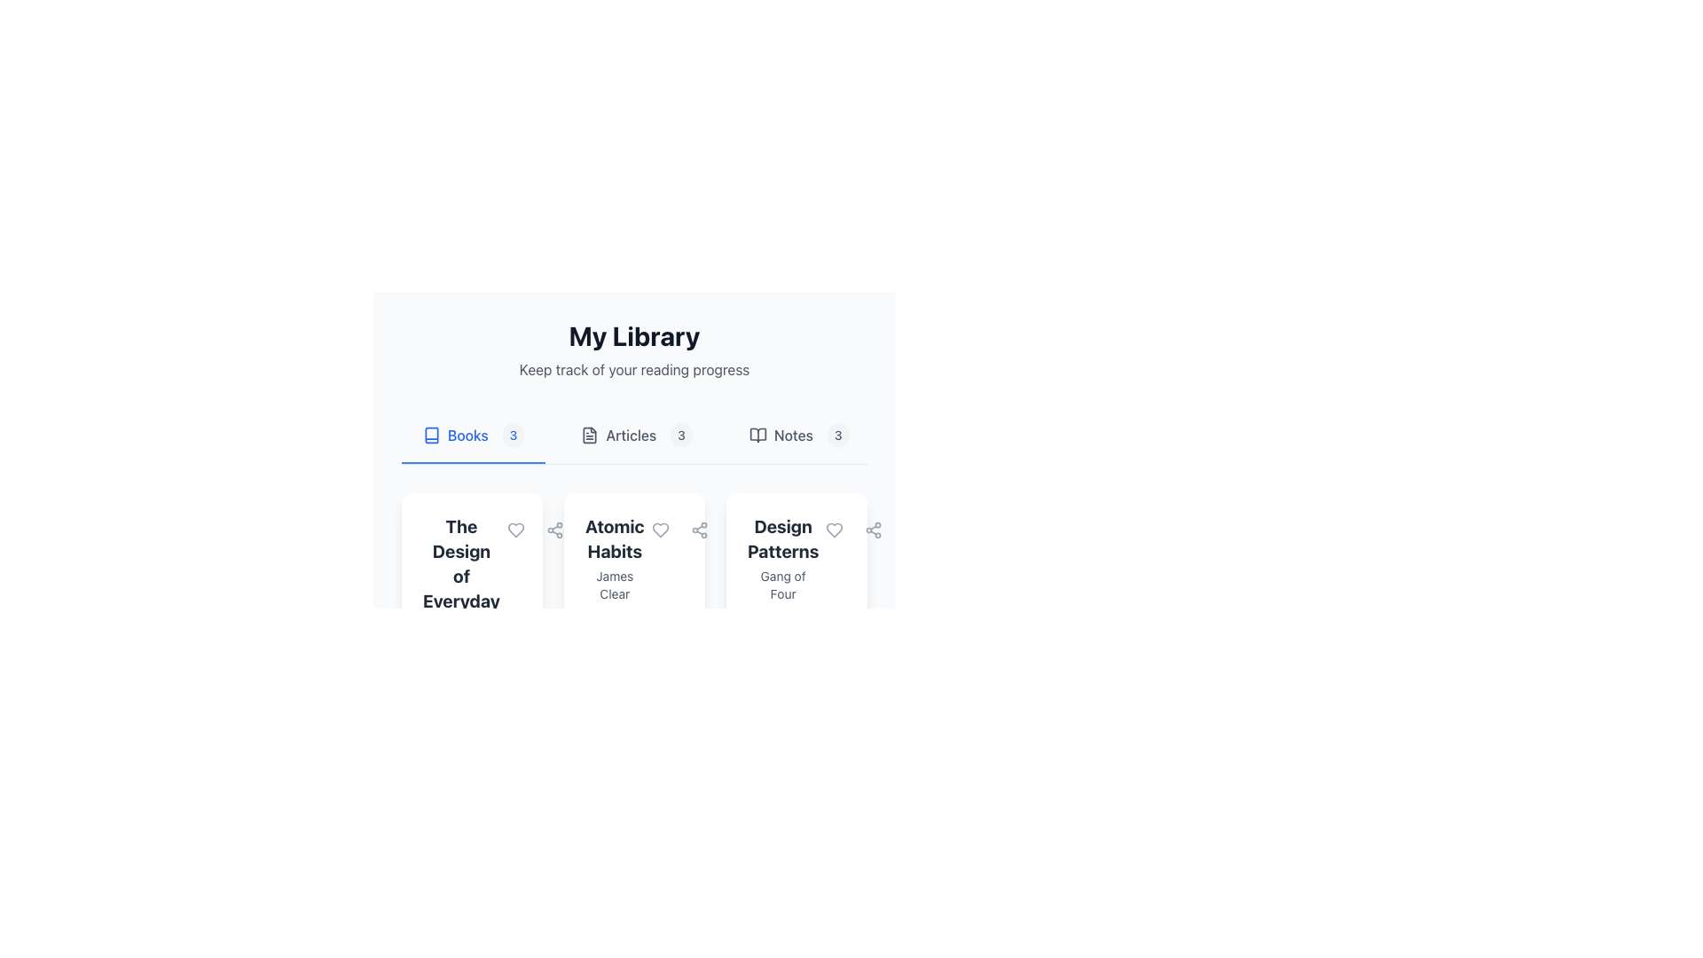  What do you see at coordinates (608, 646) in the screenshot?
I see `the progress bar segment that visually indicates approximately 45% completion, located near the bottom of the interface below the 'Atomic Habits' cards` at bounding box center [608, 646].